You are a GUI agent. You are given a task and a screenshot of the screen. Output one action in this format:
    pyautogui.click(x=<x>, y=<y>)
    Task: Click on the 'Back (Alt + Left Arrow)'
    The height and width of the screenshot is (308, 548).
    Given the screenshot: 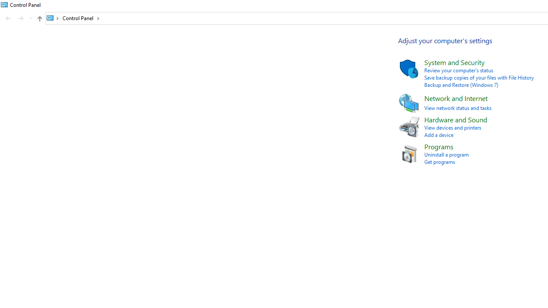 What is the action you would take?
    pyautogui.click(x=8, y=18)
    